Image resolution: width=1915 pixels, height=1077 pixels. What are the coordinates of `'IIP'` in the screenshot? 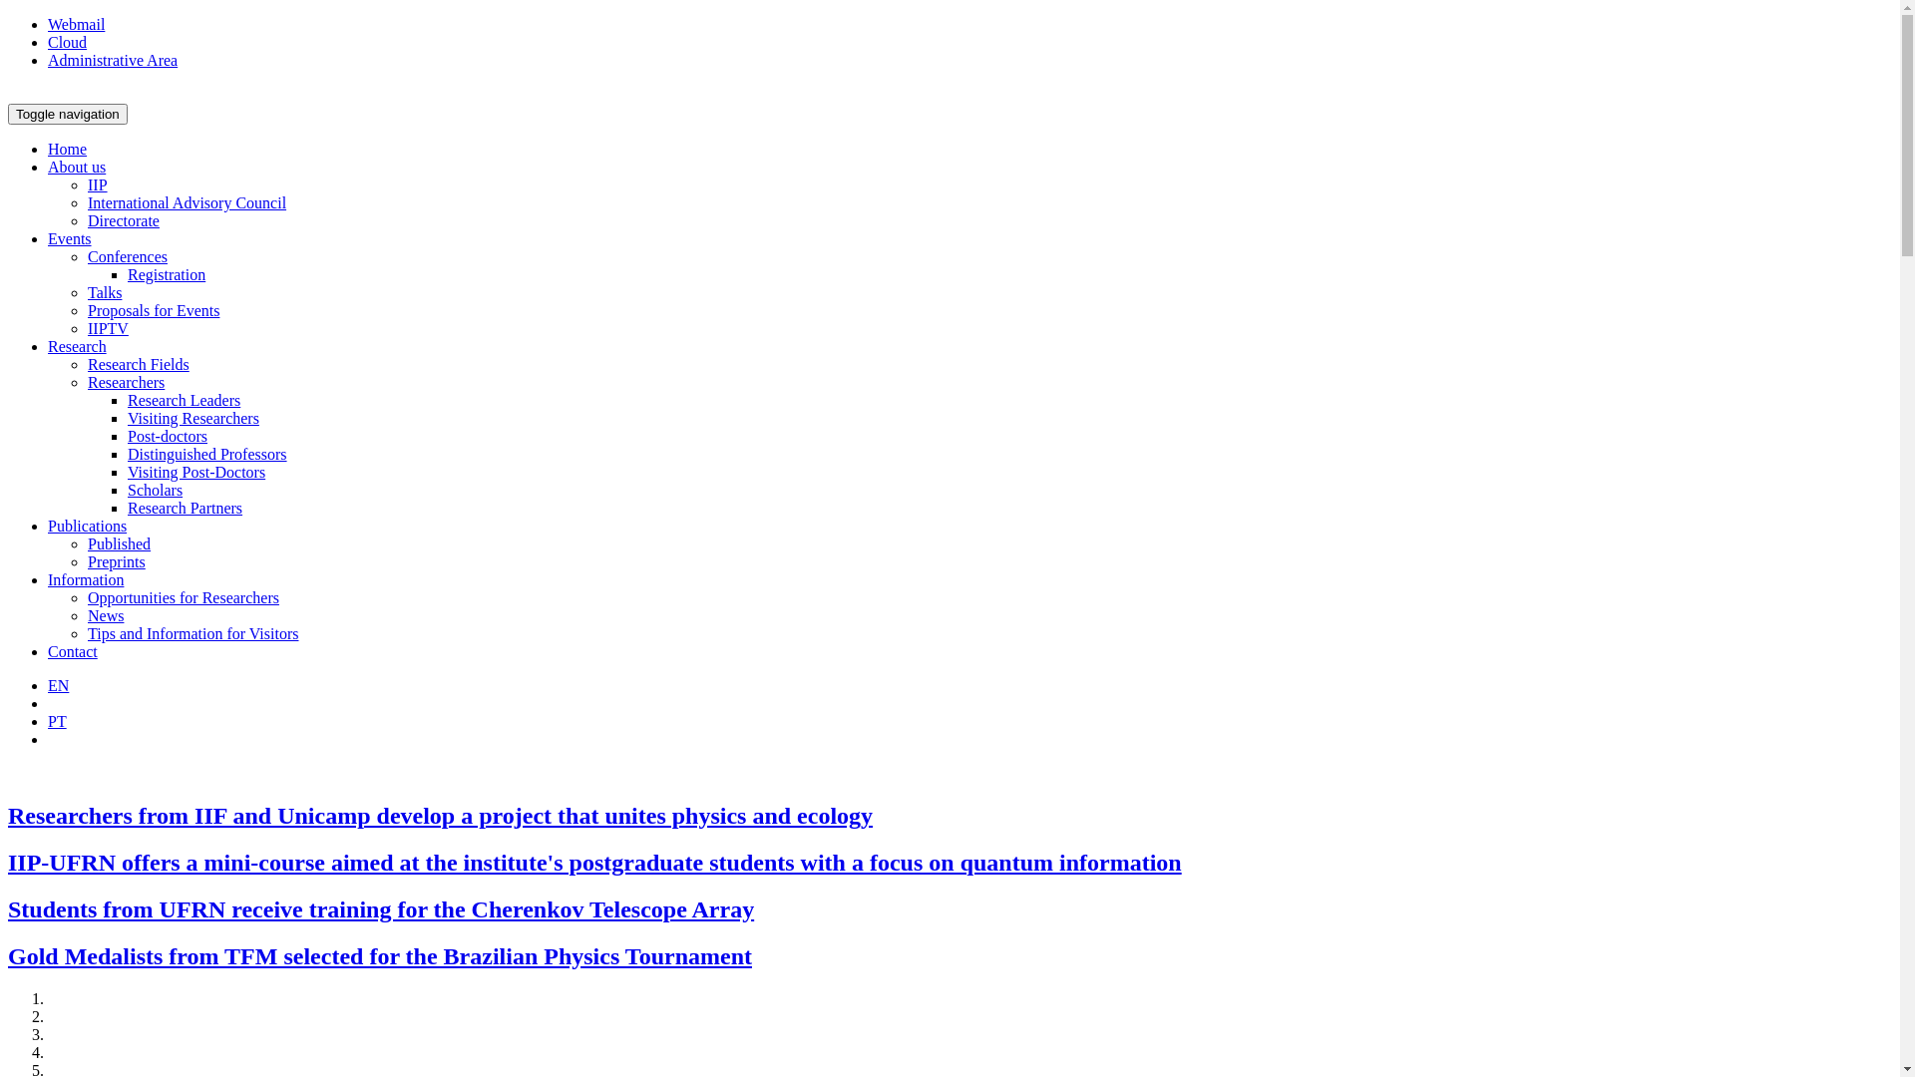 It's located at (96, 184).